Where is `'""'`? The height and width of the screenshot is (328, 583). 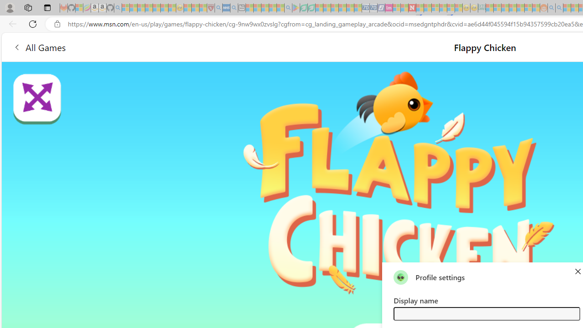
'""' is located at coordinates (401, 277).